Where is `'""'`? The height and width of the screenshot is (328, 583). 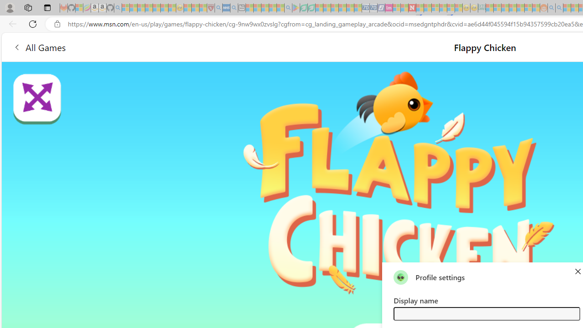
'""' is located at coordinates (401, 277).